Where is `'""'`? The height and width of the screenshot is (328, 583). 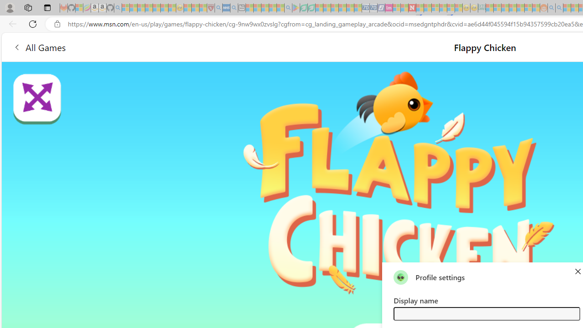
'""' is located at coordinates (401, 277).